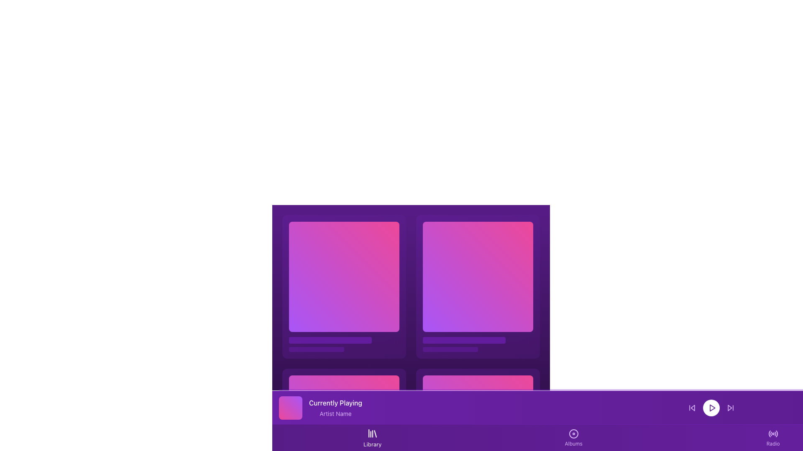  What do you see at coordinates (573, 437) in the screenshot?
I see `the 'Albums' navigation button located on the bottom navigation bar, which is the second button from the left` at bounding box center [573, 437].